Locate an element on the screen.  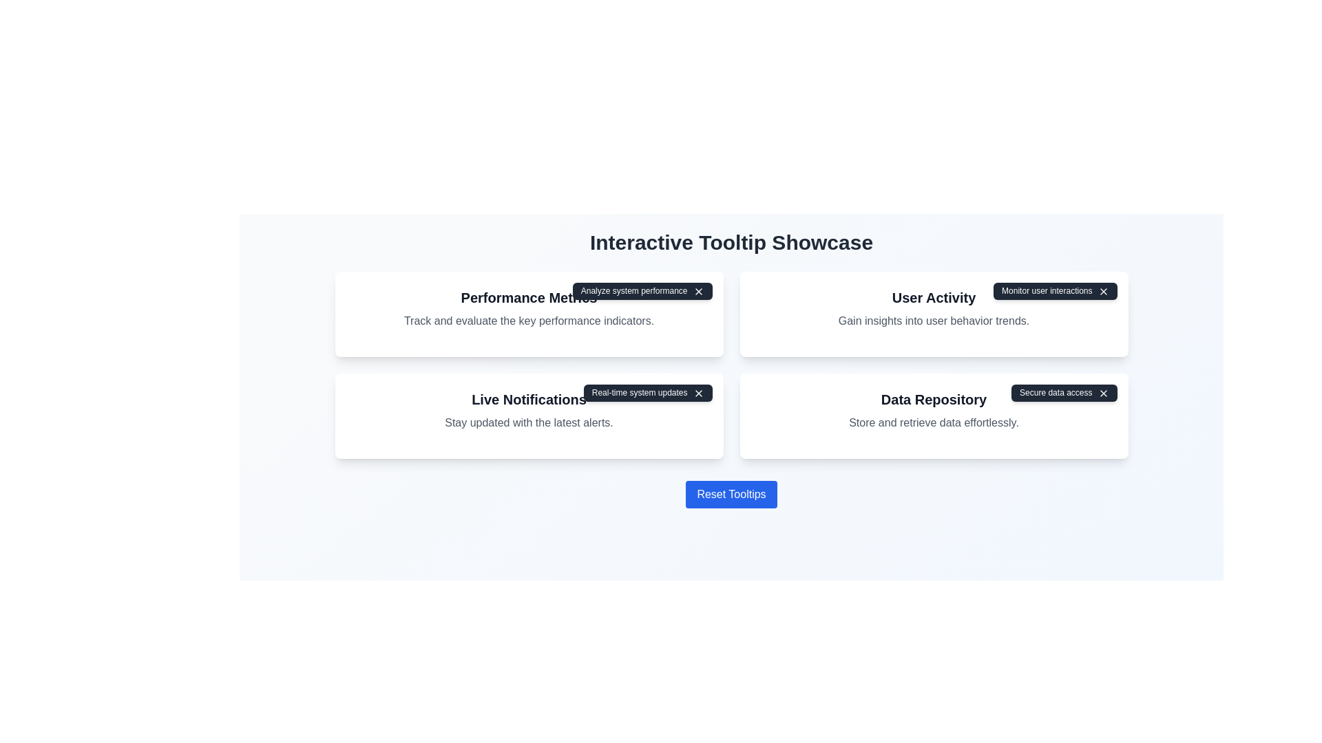
the 'X' icon button located at the top-right edge of the tooltip labeled 'Real-time system updates' to trigger the color change effect is located at coordinates (698, 393).